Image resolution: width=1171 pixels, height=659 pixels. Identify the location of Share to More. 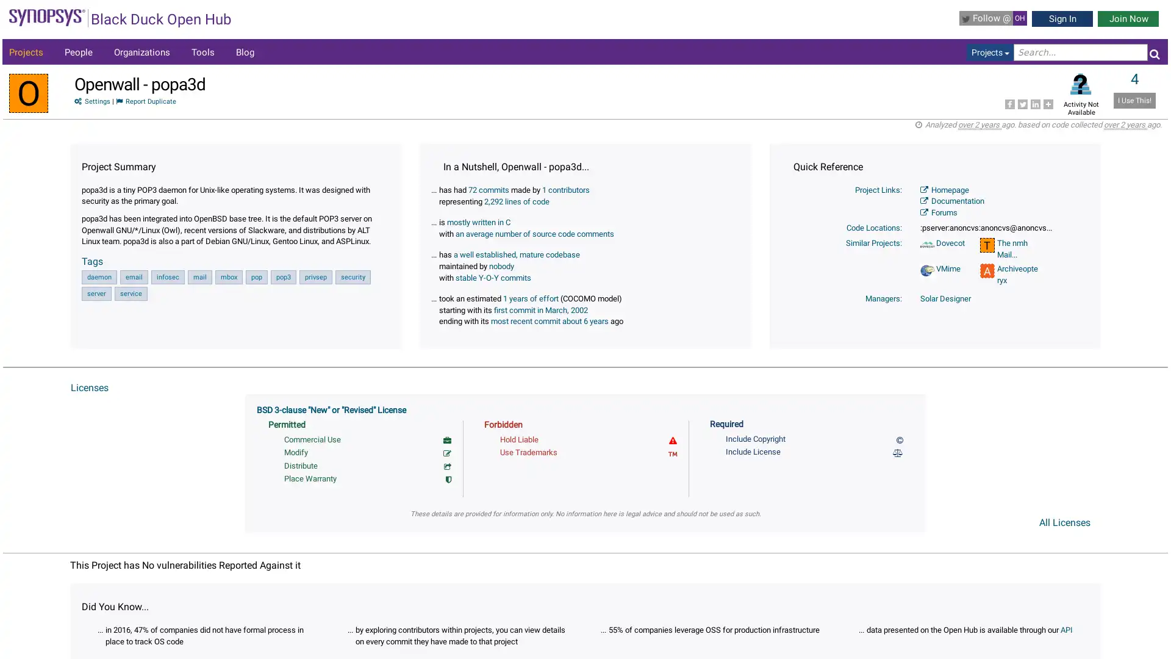
(1047, 103).